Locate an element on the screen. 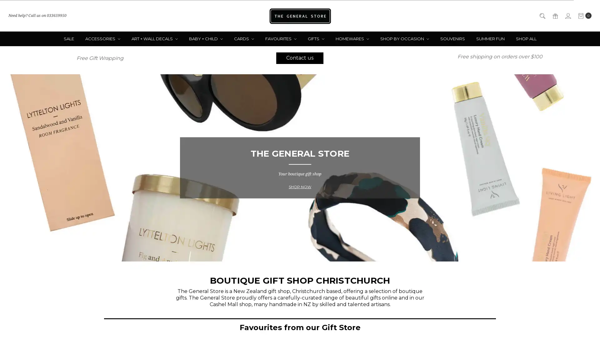  Contact us is located at coordinates (299, 58).